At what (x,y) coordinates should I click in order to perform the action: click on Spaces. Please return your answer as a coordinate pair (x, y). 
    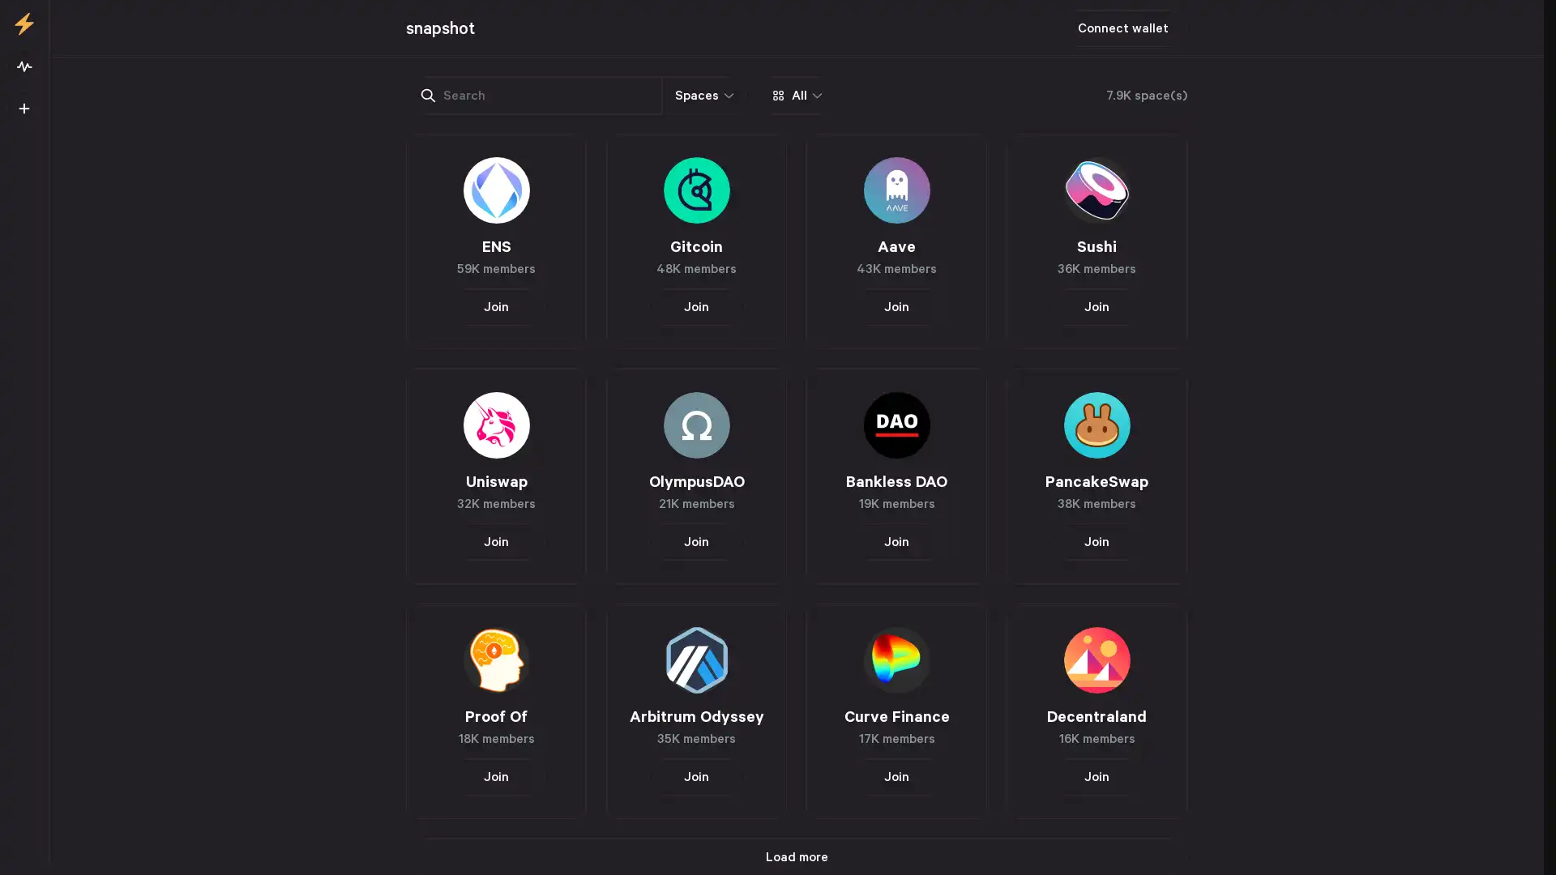
    Looking at the image, I should click on (575, 96).